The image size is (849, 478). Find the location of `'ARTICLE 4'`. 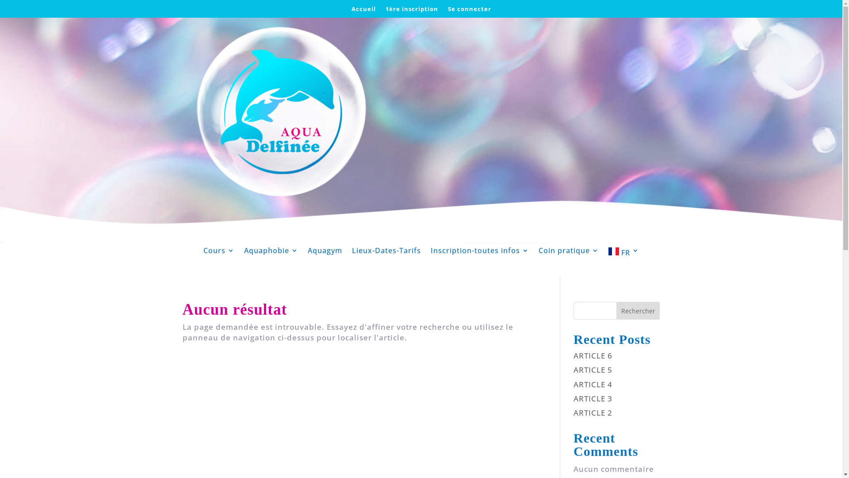

'ARTICLE 4' is located at coordinates (593, 384).